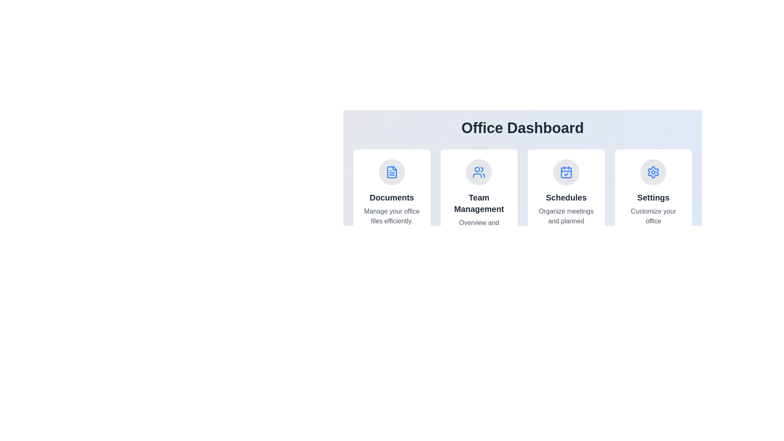 The image size is (784, 441). Describe the element at coordinates (566, 172) in the screenshot. I see `the SVG rectangle element within the calendar icon that serves as the background for the checkmark` at that location.